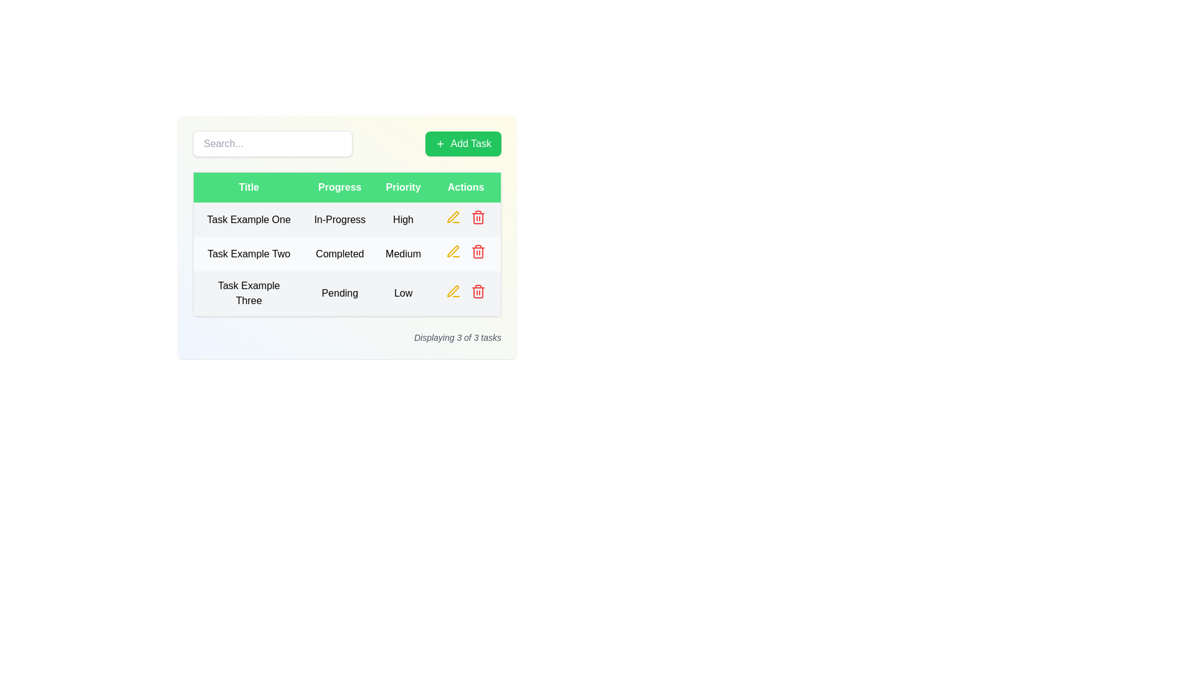 The height and width of the screenshot is (673, 1196). Describe the element at coordinates (453, 252) in the screenshot. I see `the yellow pen-like icon button located in the 'Actions' column of the second row, corresponding to 'Task Example Two', to observe a change in color` at that location.